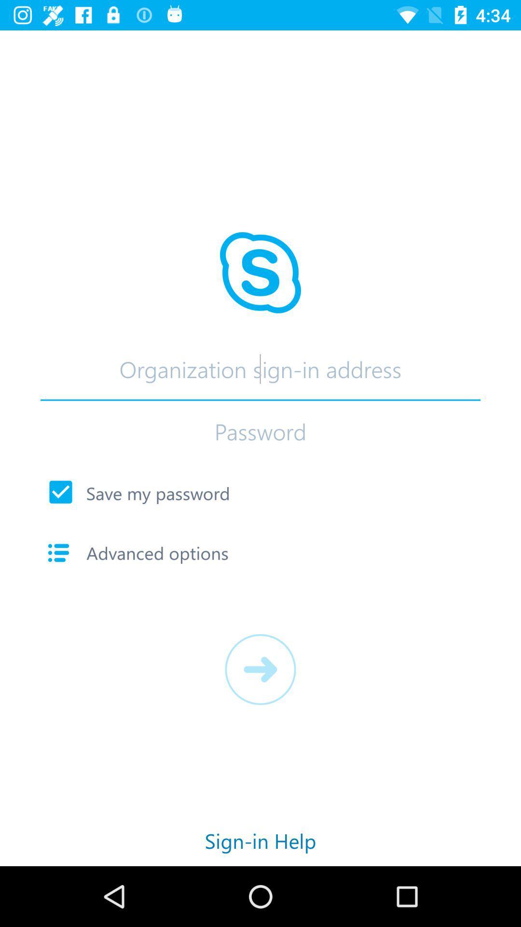  What do you see at coordinates (260, 669) in the screenshot?
I see `item above sign-in help app` at bounding box center [260, 669].